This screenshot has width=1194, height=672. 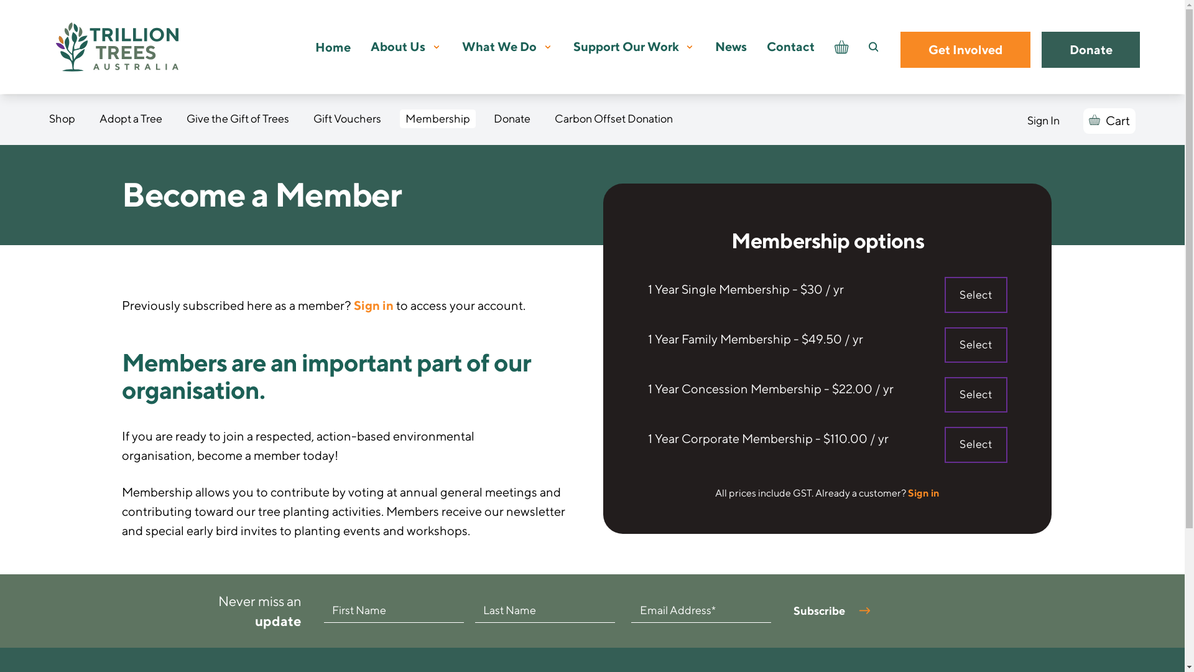 I want to click on 'Sign in', so click(x=923, y=492).